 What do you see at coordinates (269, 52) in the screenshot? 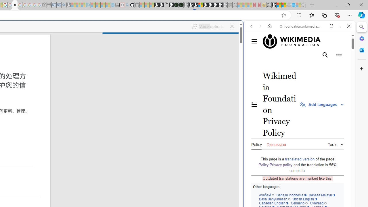
I see `'This site scope'` at bounding box center [269, 52].